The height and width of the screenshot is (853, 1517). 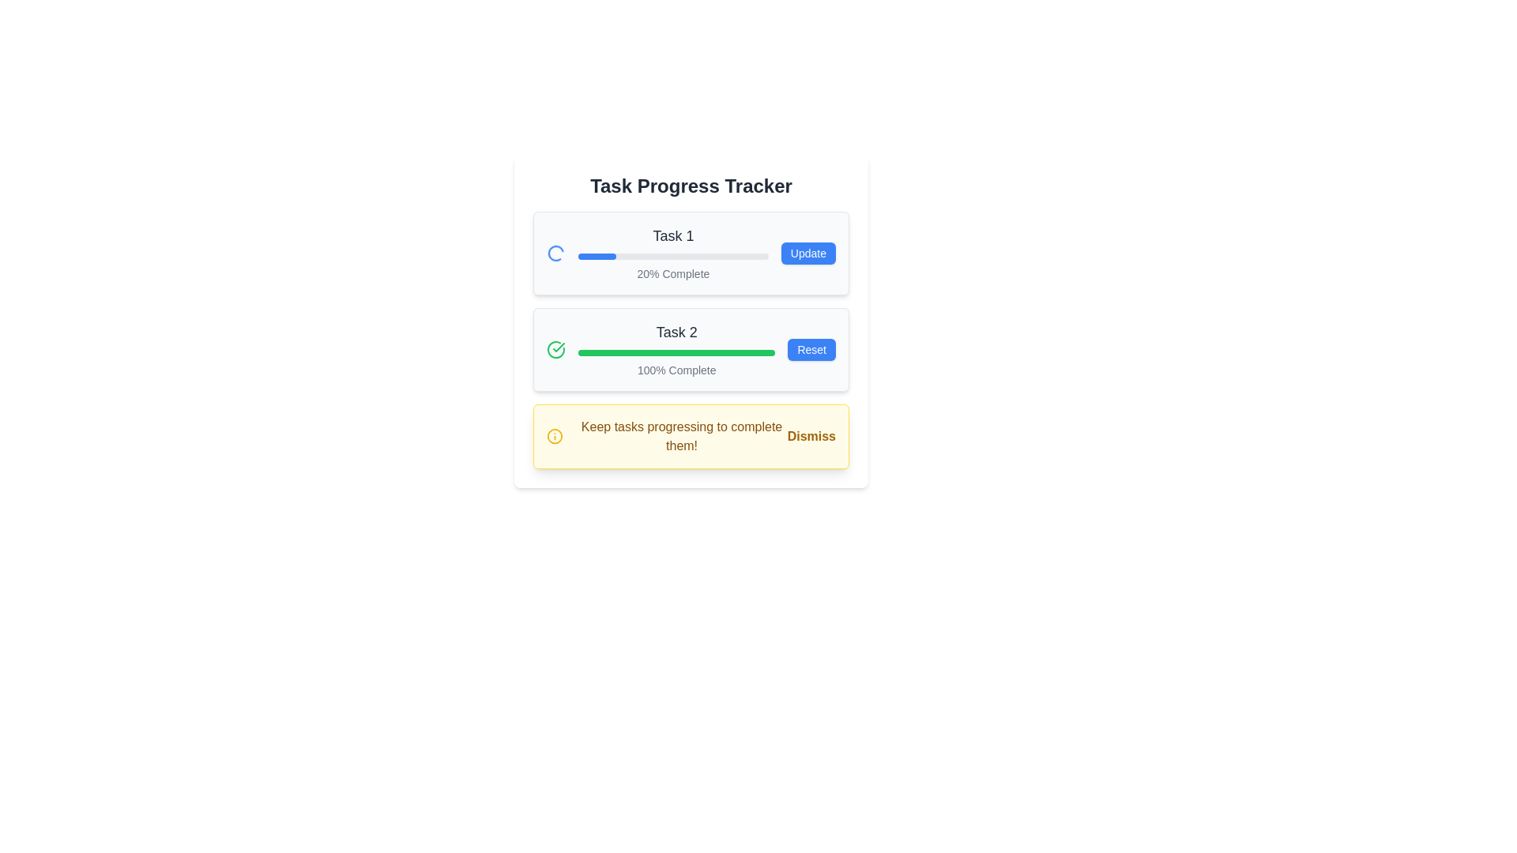 I want to click on the 'Reset' button with a blue background and white text, positioned to the right of the green progress bar labeled '100% Complete' within the 'Task 2' group, so click(x=811, y=349).